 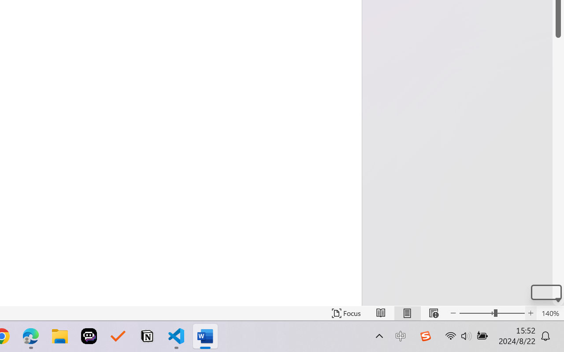 What do you see at coordinates (550, 313) in the screenshot?
I see `'Zoom 140%'` at bounding box center [550, 313].